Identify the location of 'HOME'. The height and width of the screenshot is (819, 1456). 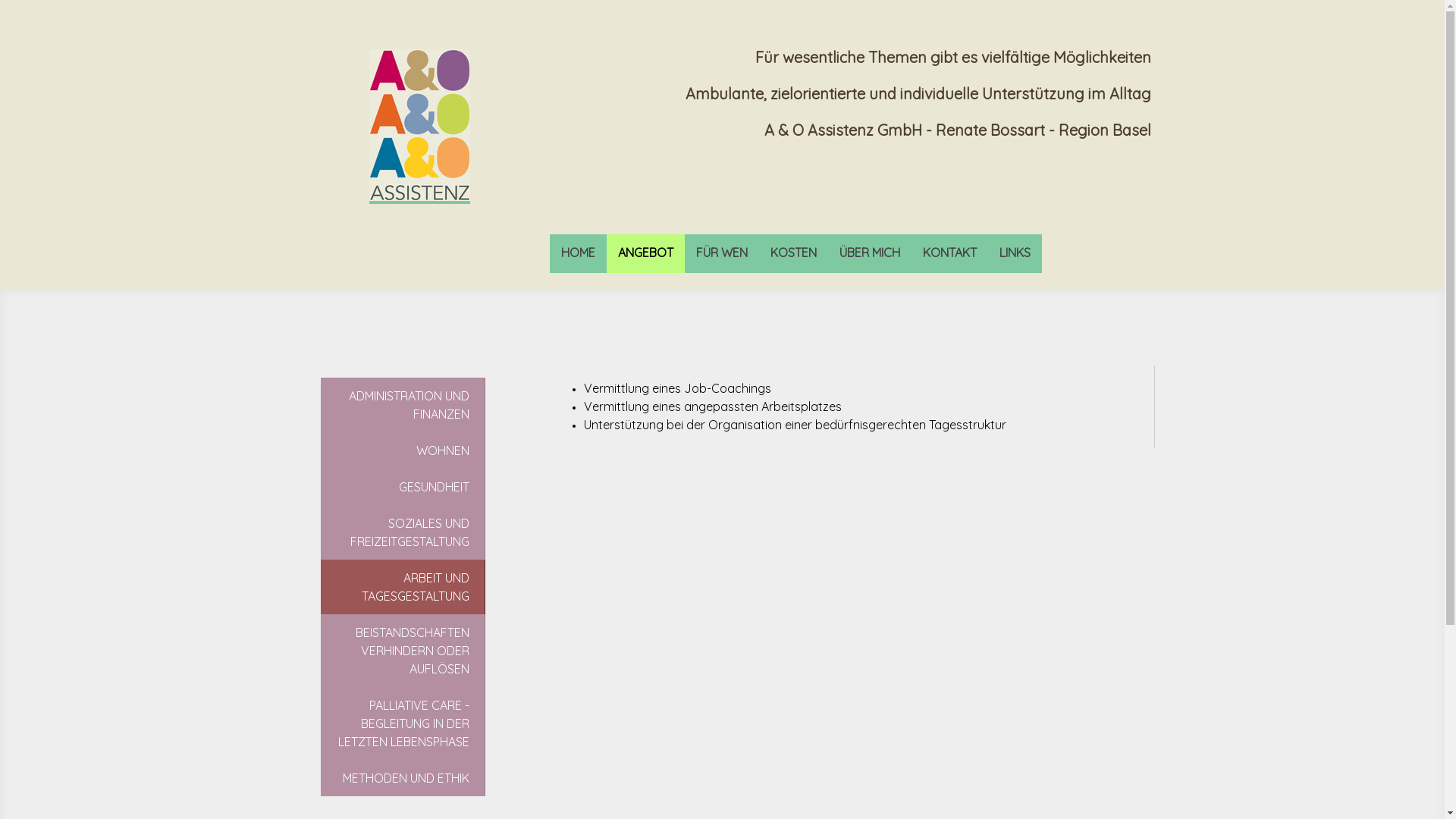
(576, 253).